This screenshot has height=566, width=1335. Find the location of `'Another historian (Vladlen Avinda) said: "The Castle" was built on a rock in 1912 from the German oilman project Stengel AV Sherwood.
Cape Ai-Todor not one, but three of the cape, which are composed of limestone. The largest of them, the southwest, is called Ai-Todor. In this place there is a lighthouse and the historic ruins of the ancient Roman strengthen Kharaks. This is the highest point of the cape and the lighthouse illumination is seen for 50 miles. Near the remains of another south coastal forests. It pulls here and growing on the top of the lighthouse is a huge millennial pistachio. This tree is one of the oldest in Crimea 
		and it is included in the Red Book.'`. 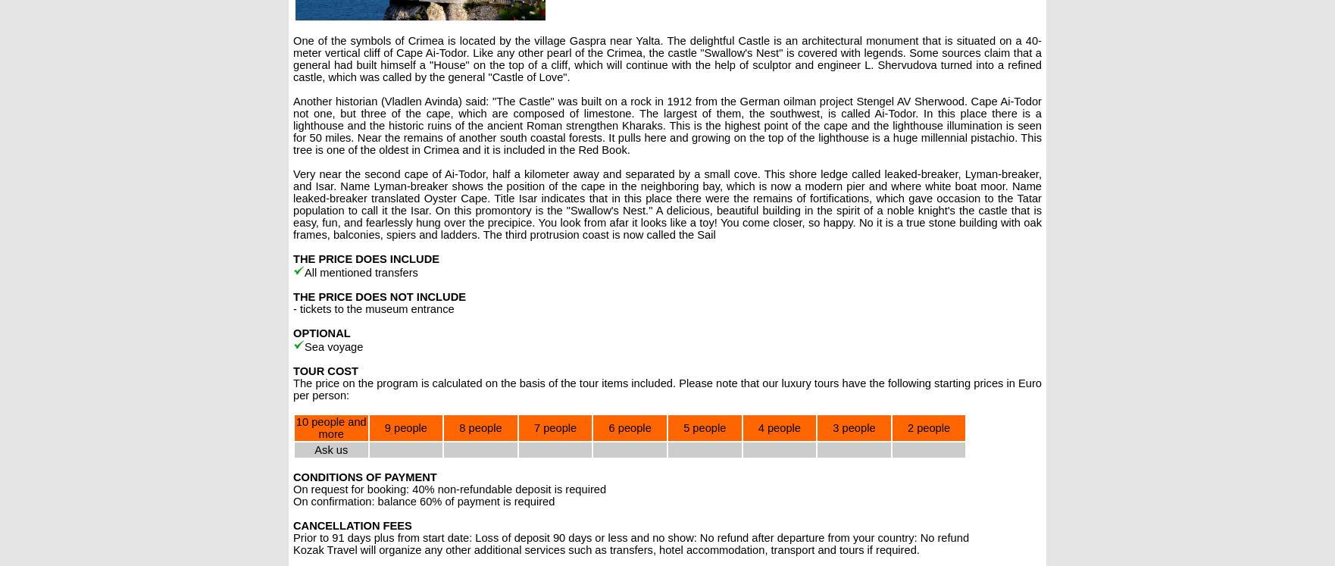

'Another historian (Vladlen Avinda) said: "The Castle" was built on a rock in 1912 from the German oilman project Stengel AV Sherwood.
Cape Ai-Todor not one, but three of the cape, which are composed of limestone. The largest of them, the southwest, is called Ai-Todor. In this place there is a lighthouse and the historic ruins of the ancient Roman strengthen Kharaks. This is the highest point of the cape and the lighthouse illumination is seen for 50 miles. Near the remains of another south coastal forests. It pulls here and growing on the top of the lighthouse is a huge millennial pistachio. This tree is one of the oldest in Crimea 
		and it is included in the Red Book.' is located at coordinates (667, 124).